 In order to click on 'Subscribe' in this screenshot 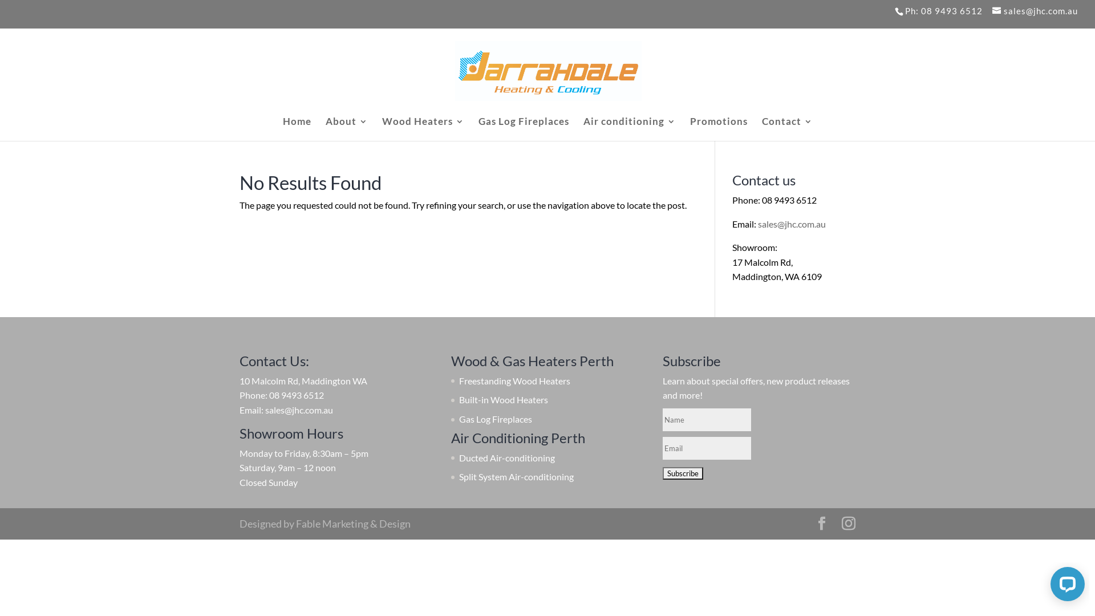, I will do `click(683, 473)`.